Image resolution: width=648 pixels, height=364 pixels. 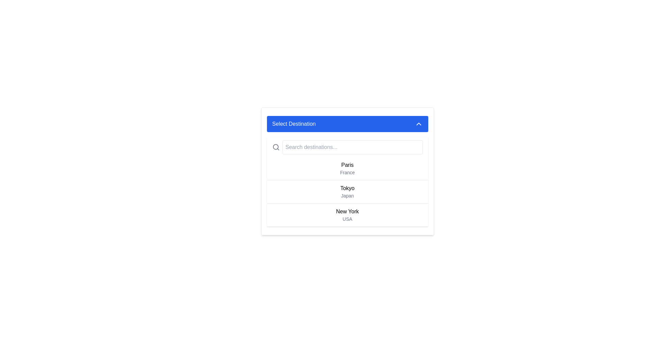 What do you see at coordinates (347, 192) in the screenshot?
I see `the second item in the dropdown list, which displays 'Tokyo' and 'Japan'` at bounding box center [347, 192].